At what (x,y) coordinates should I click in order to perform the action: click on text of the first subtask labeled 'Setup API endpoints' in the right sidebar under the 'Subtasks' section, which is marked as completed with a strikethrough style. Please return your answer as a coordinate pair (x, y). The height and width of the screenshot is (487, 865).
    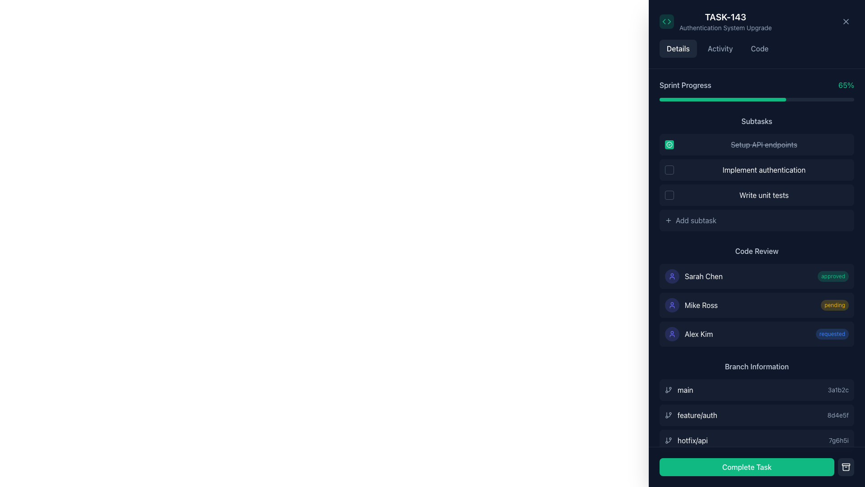
    Looking at the image, I should click on (763, 144).